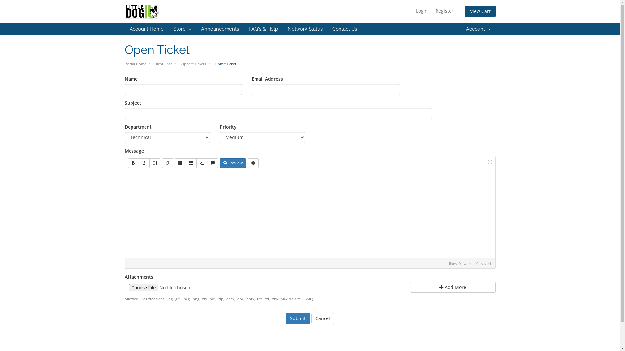  Describe the element at coordinates (444, 11) in the screenshot. I see `'Register'` at that location.